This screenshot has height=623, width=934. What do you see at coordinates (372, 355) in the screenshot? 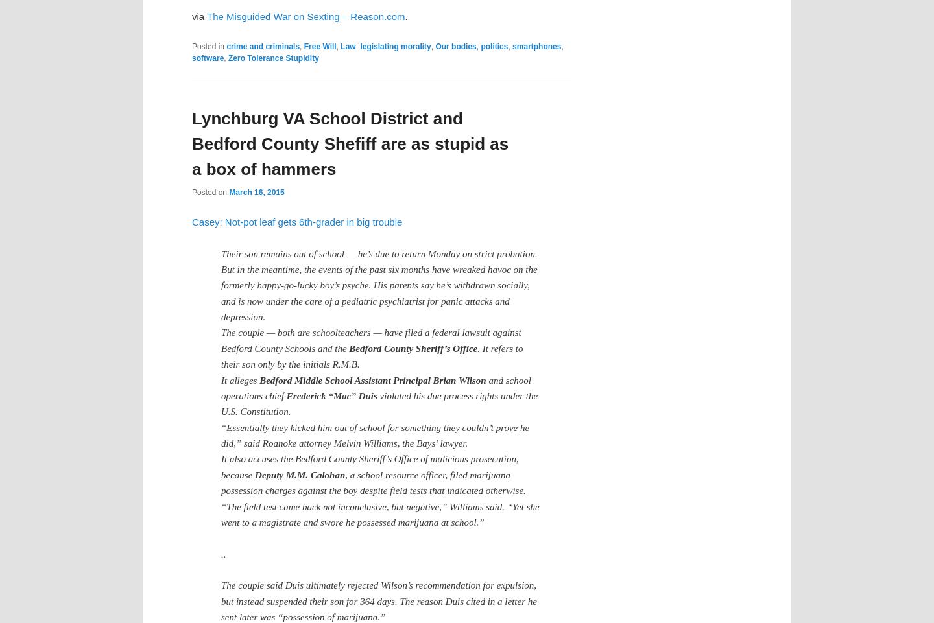
I see `'. It refers to their son only by the initials R.M.B.'` at bounding box center [372, 355].